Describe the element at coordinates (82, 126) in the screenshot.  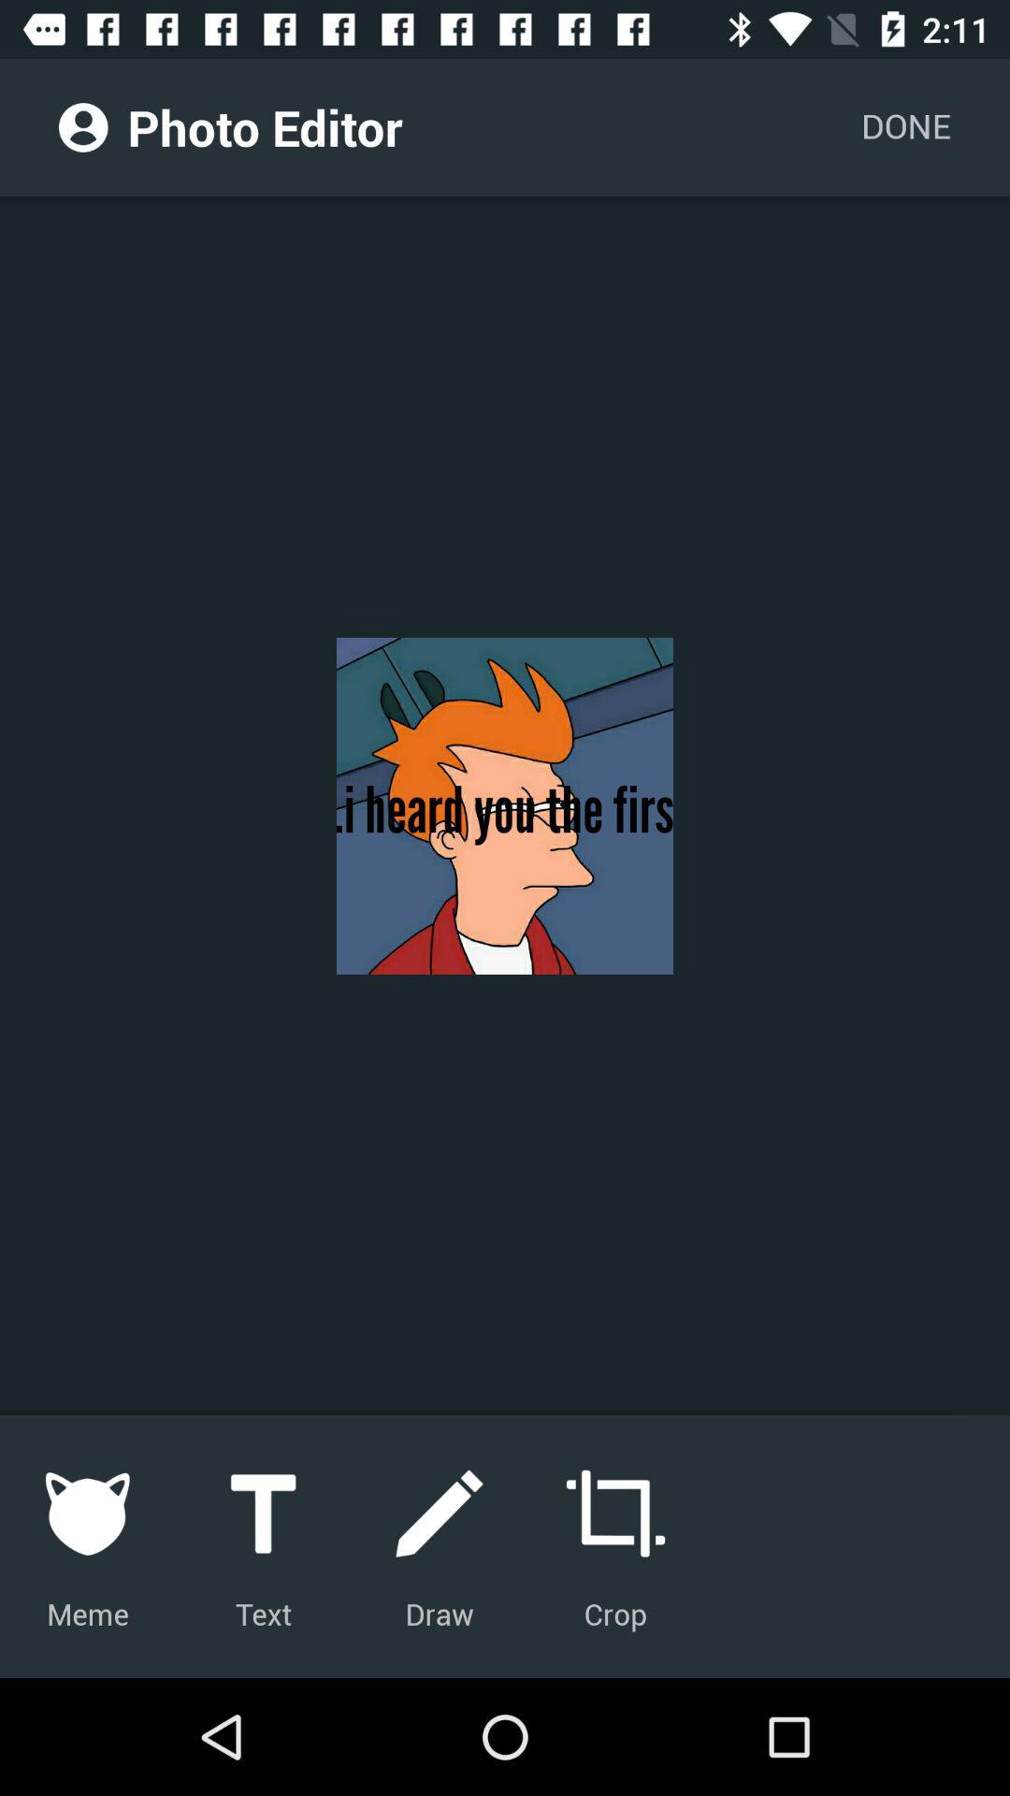
I see `the item at the top left corner` at that location.